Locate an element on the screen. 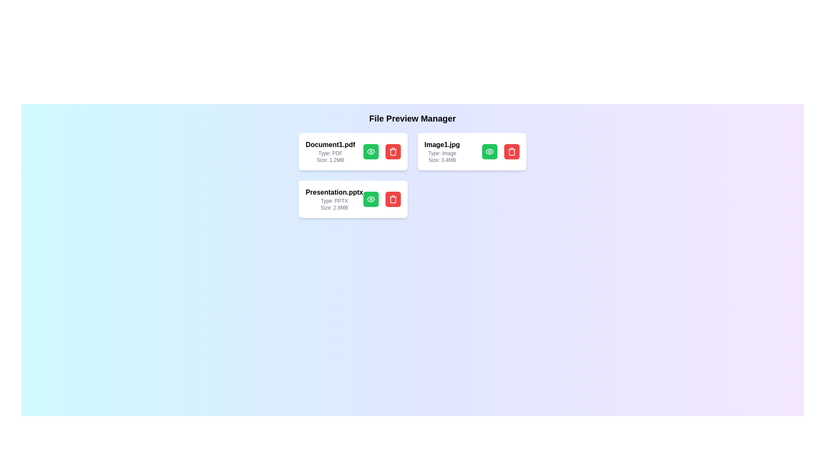  the green button with the eye icon to preview the file associated with 'Presentation.pptx' is located at coordinates (381, 199).